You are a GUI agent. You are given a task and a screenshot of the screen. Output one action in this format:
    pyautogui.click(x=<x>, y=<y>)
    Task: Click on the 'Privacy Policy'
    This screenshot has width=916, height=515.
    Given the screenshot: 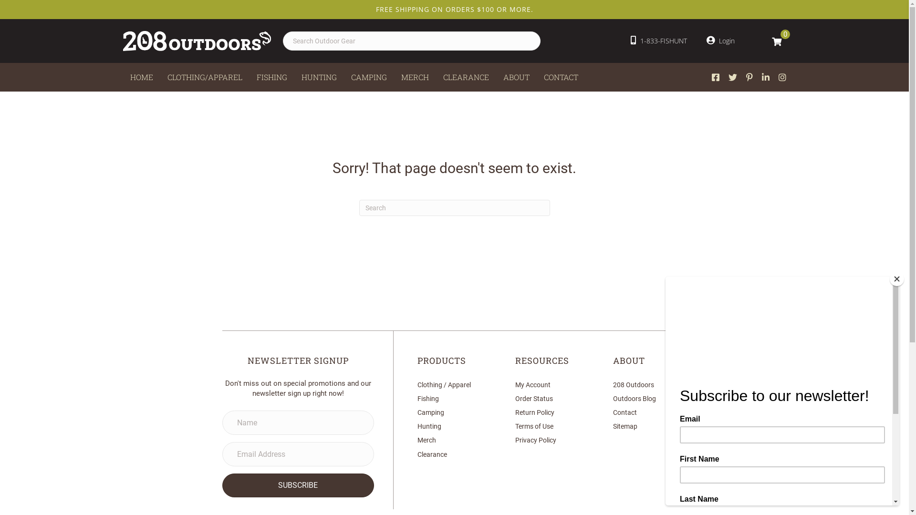 What is the action you would take?
    pyautogui.click(x=536, y=440)
    